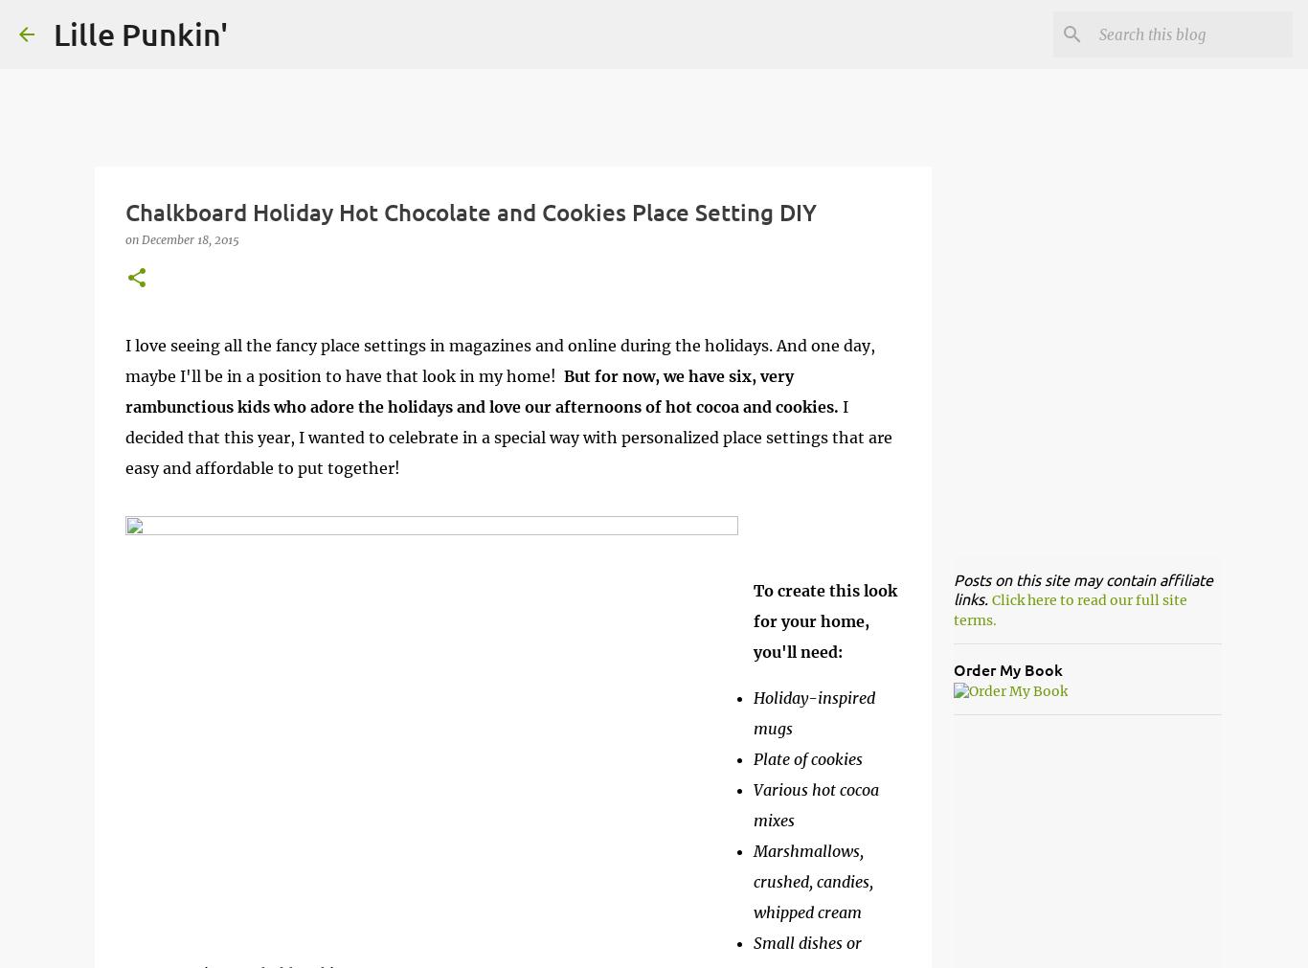  I want to click on 'To create this look for your home, you'll need:', so click(823, 620).